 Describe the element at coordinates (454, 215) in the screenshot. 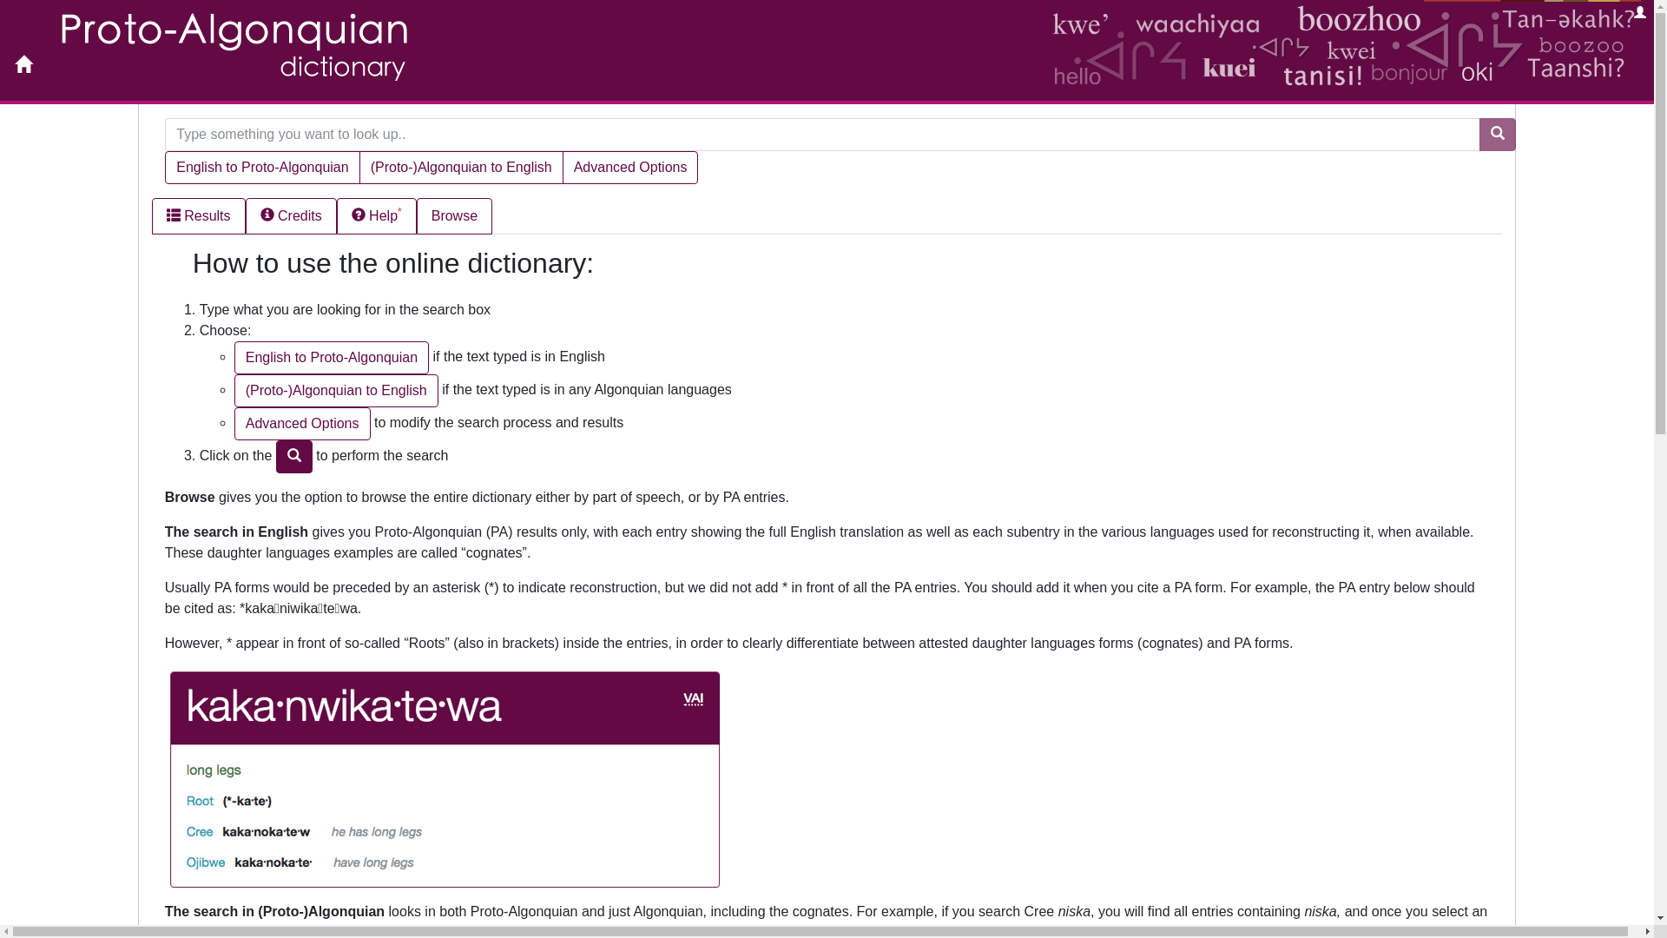

I see `'Browse'` at that location.